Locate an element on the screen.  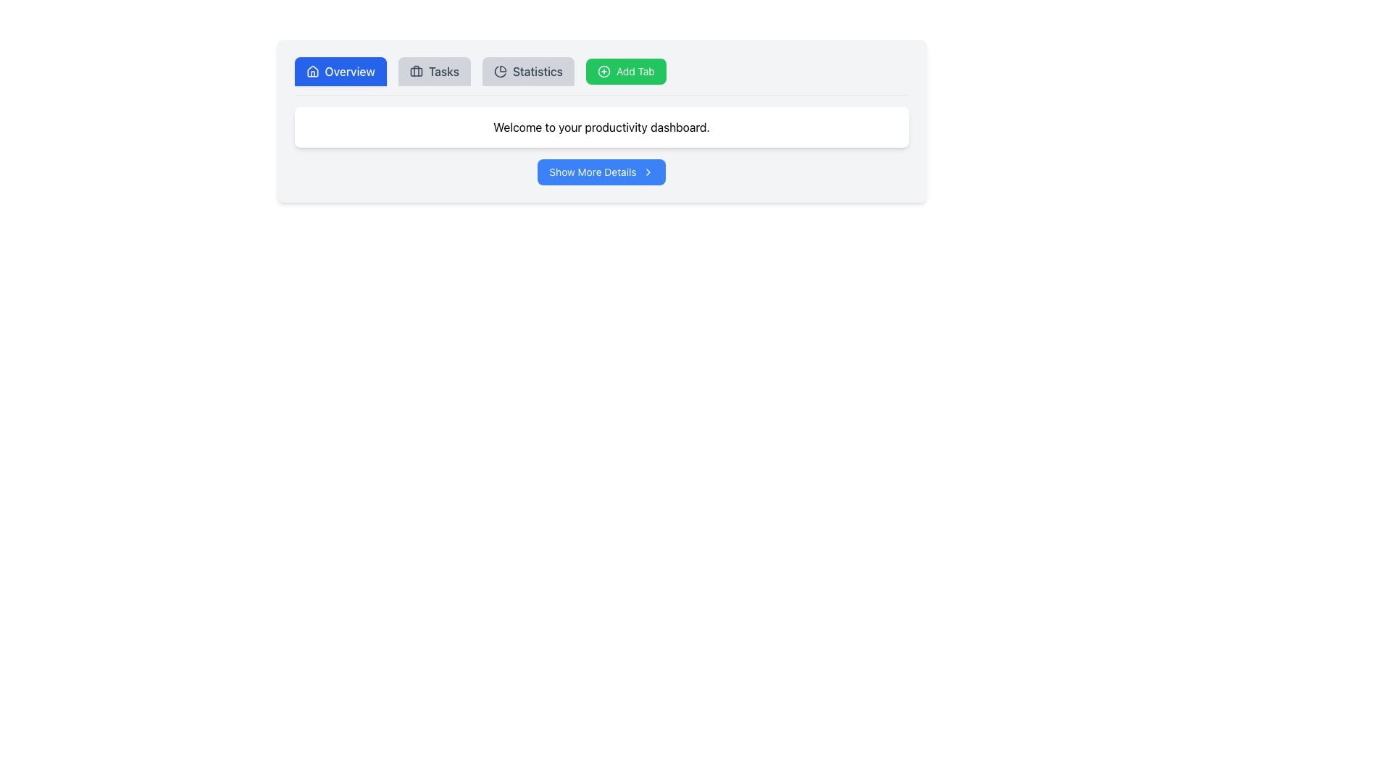
the 'Overview' tab in the Navigation Bar is located at coordinates (601, 76).